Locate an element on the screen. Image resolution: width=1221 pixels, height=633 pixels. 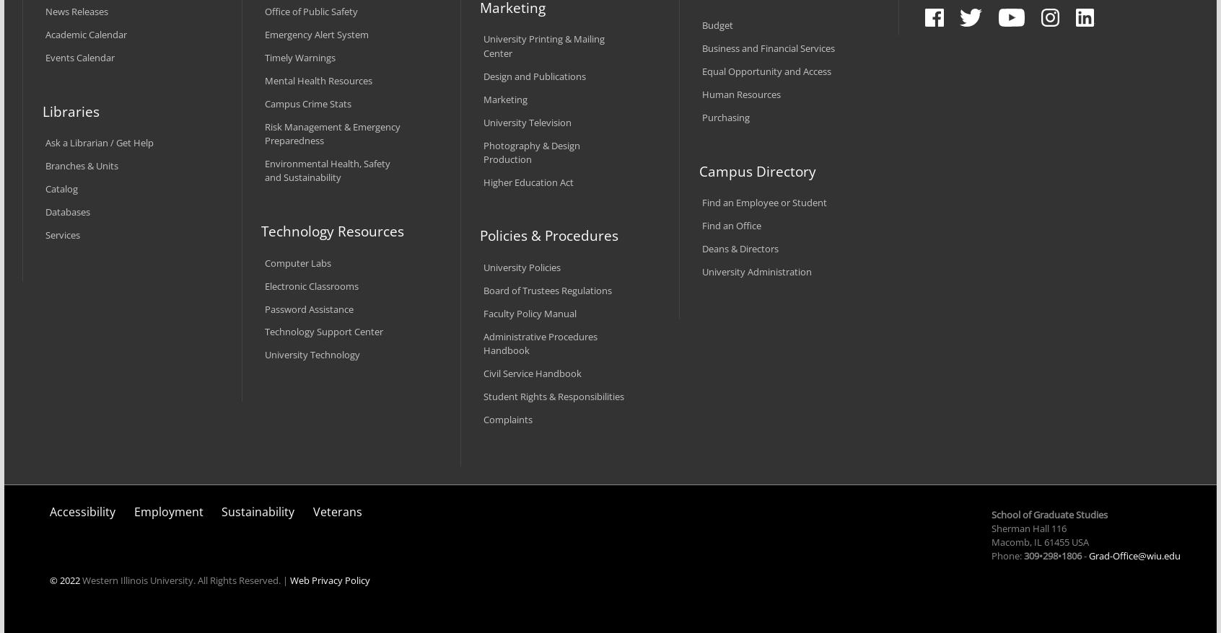
'Equal Opportunity and Access' is located at coordinates (766, 71).